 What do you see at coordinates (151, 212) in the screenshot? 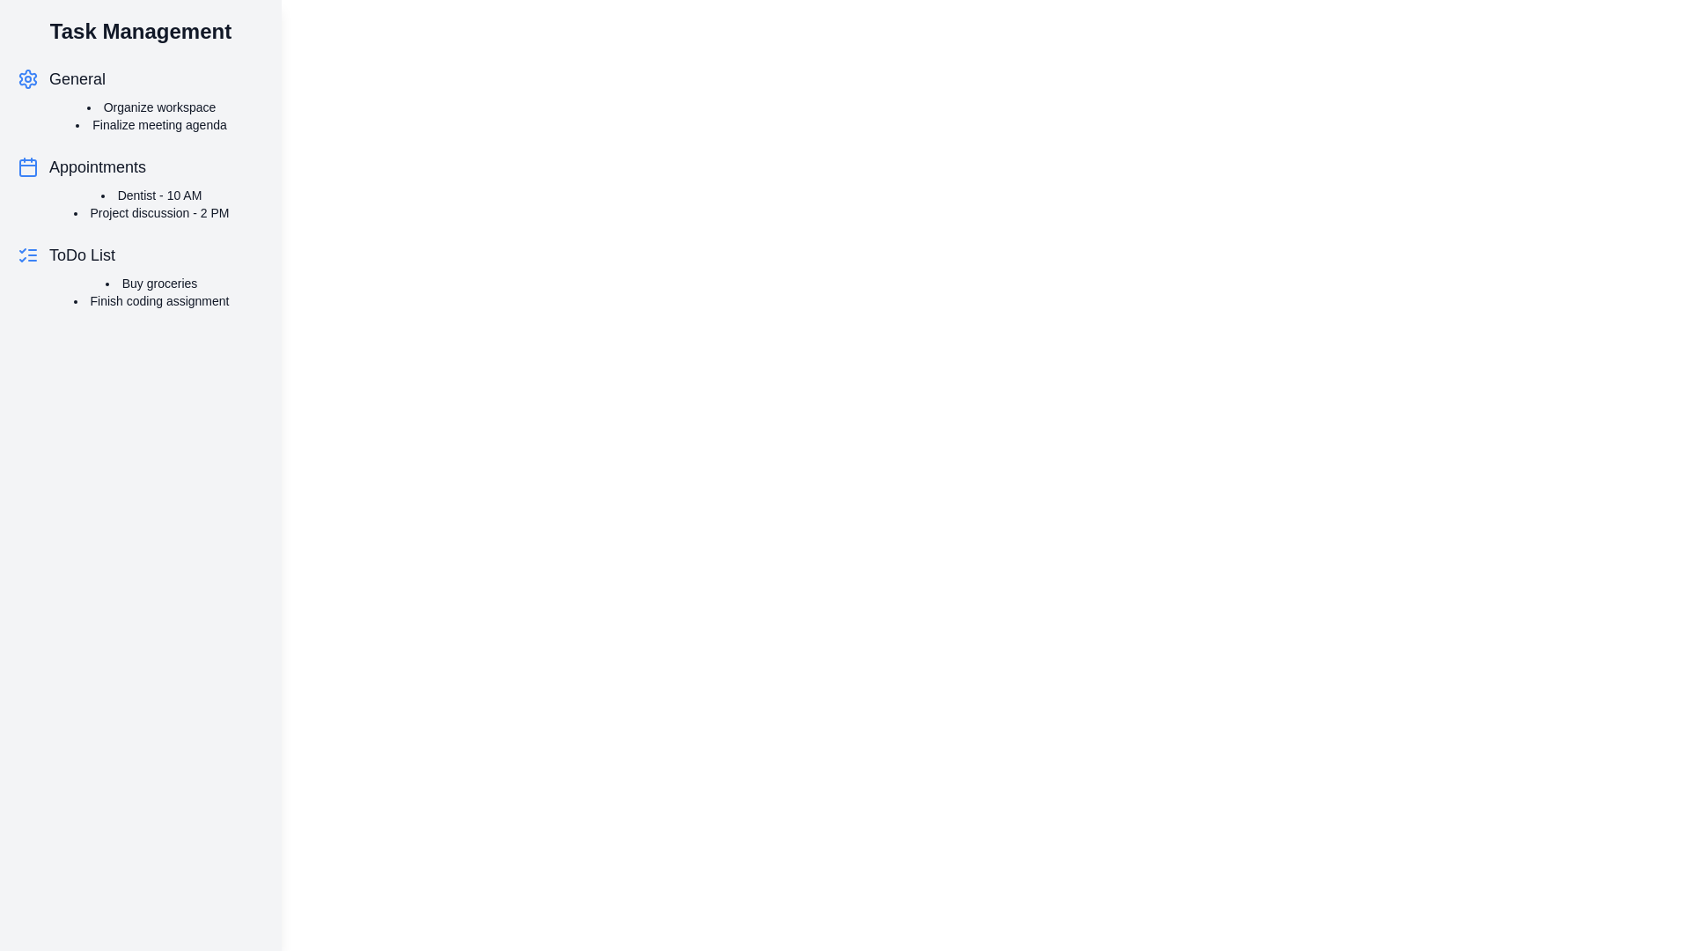
I see `the task text Project discussion - 2 PM to open the task` at bounding box center [151, 212].